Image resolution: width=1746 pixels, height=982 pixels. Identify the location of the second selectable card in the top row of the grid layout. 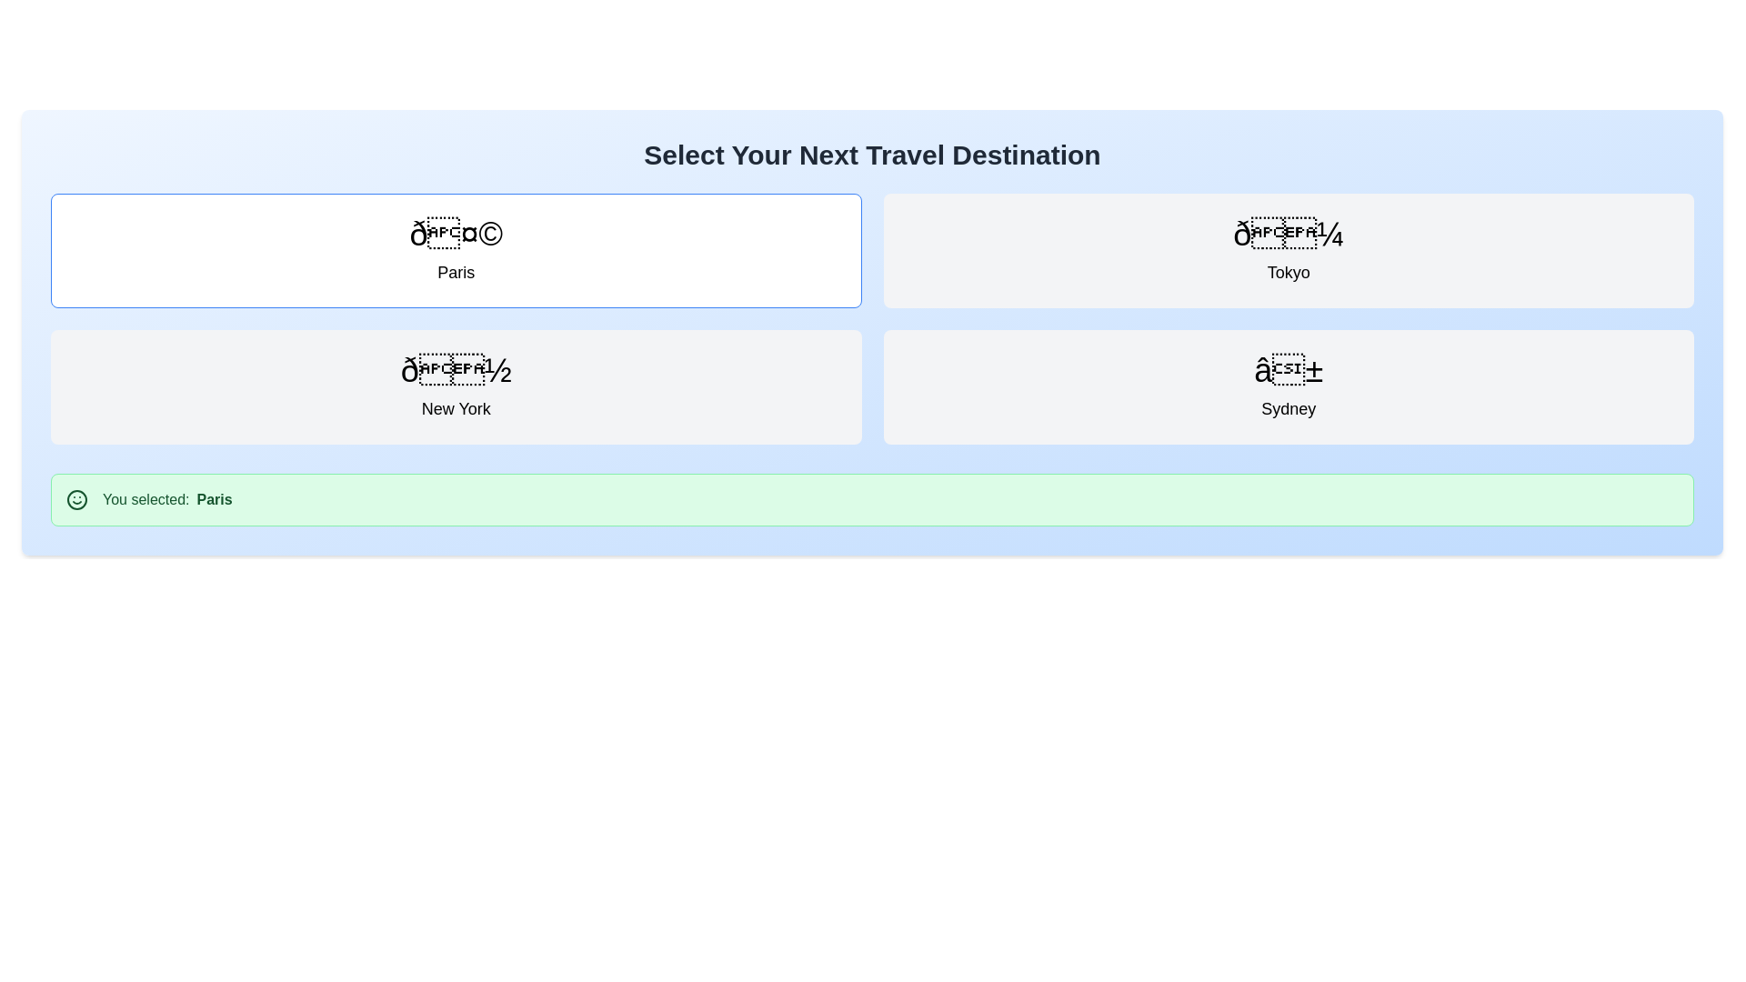
(1287, 251).